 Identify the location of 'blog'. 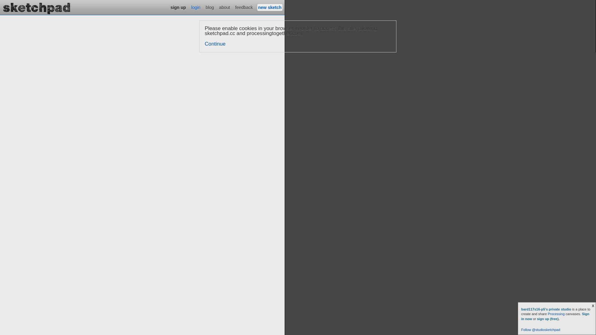
(210, 7).